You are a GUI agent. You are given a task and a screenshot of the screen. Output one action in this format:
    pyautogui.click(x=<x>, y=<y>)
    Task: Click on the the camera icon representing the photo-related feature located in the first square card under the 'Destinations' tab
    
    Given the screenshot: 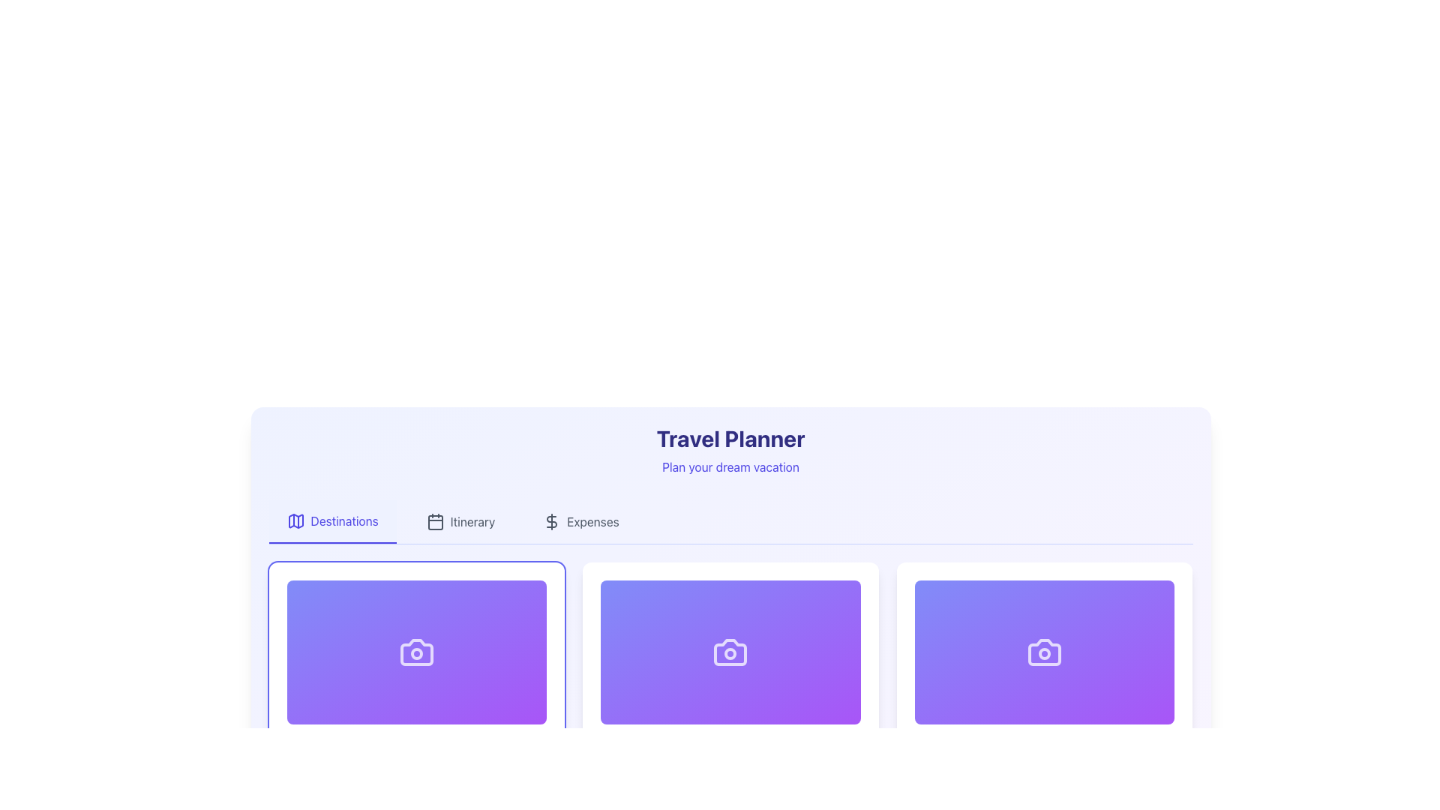 What is the action you would take?
    pyautogui.click(x=416, y=652)
    